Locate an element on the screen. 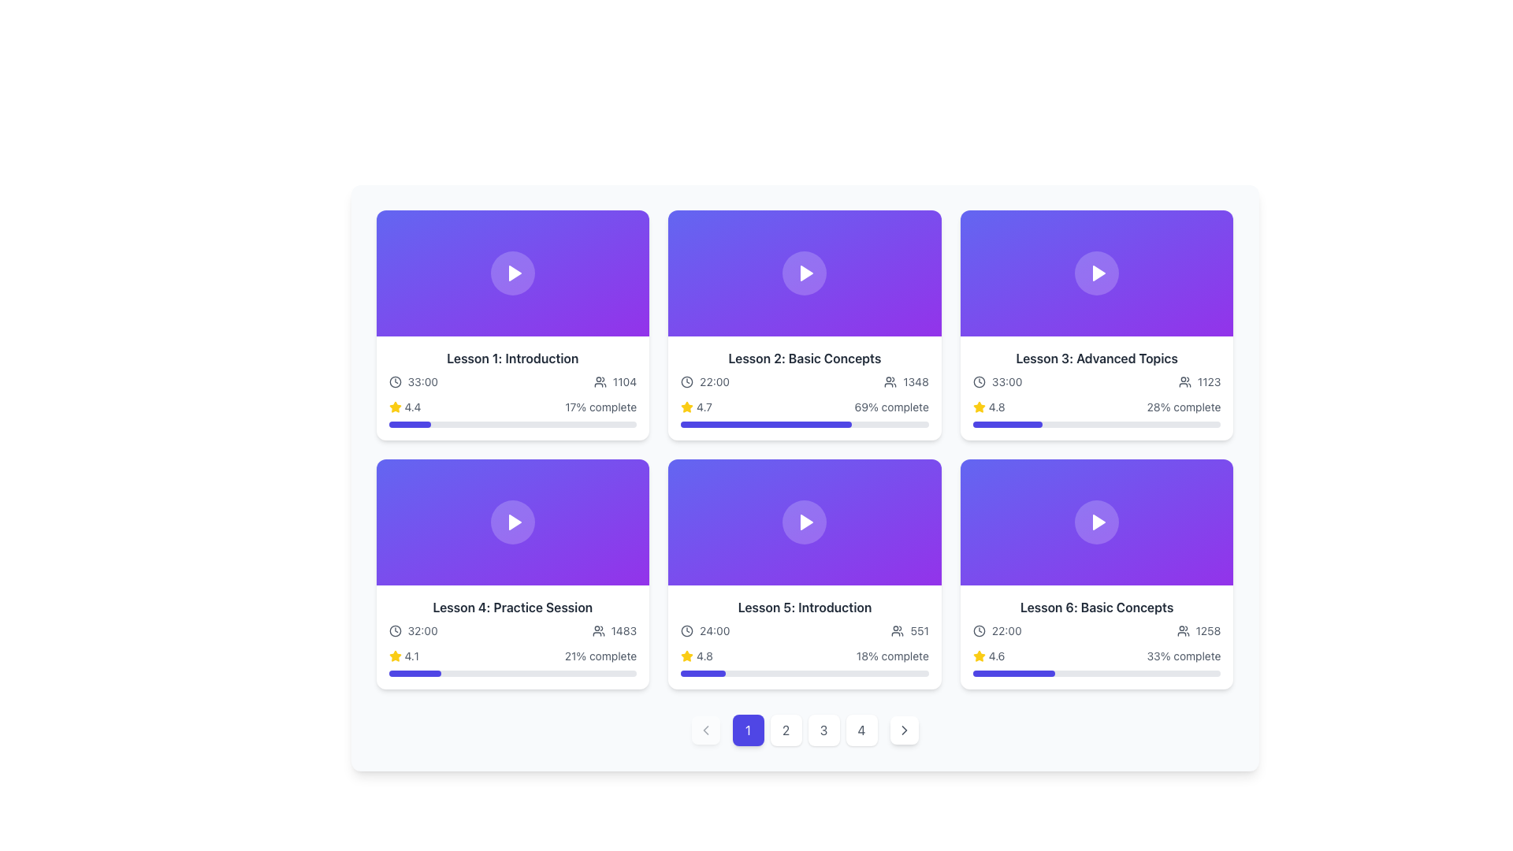 The width and height of the screenshot is (1513, 851). the progress bar of the top-left Information Card in the grid layout that provides lesson details such as title, duration, user count, rating, and completion percentage is located at coordinates (512, 388).